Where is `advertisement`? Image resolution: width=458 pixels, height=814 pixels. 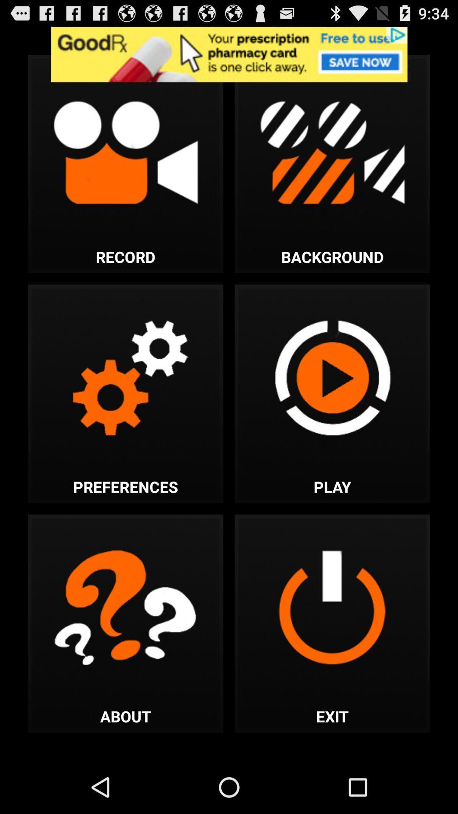 advertisement is located at coordinates (229, 54).